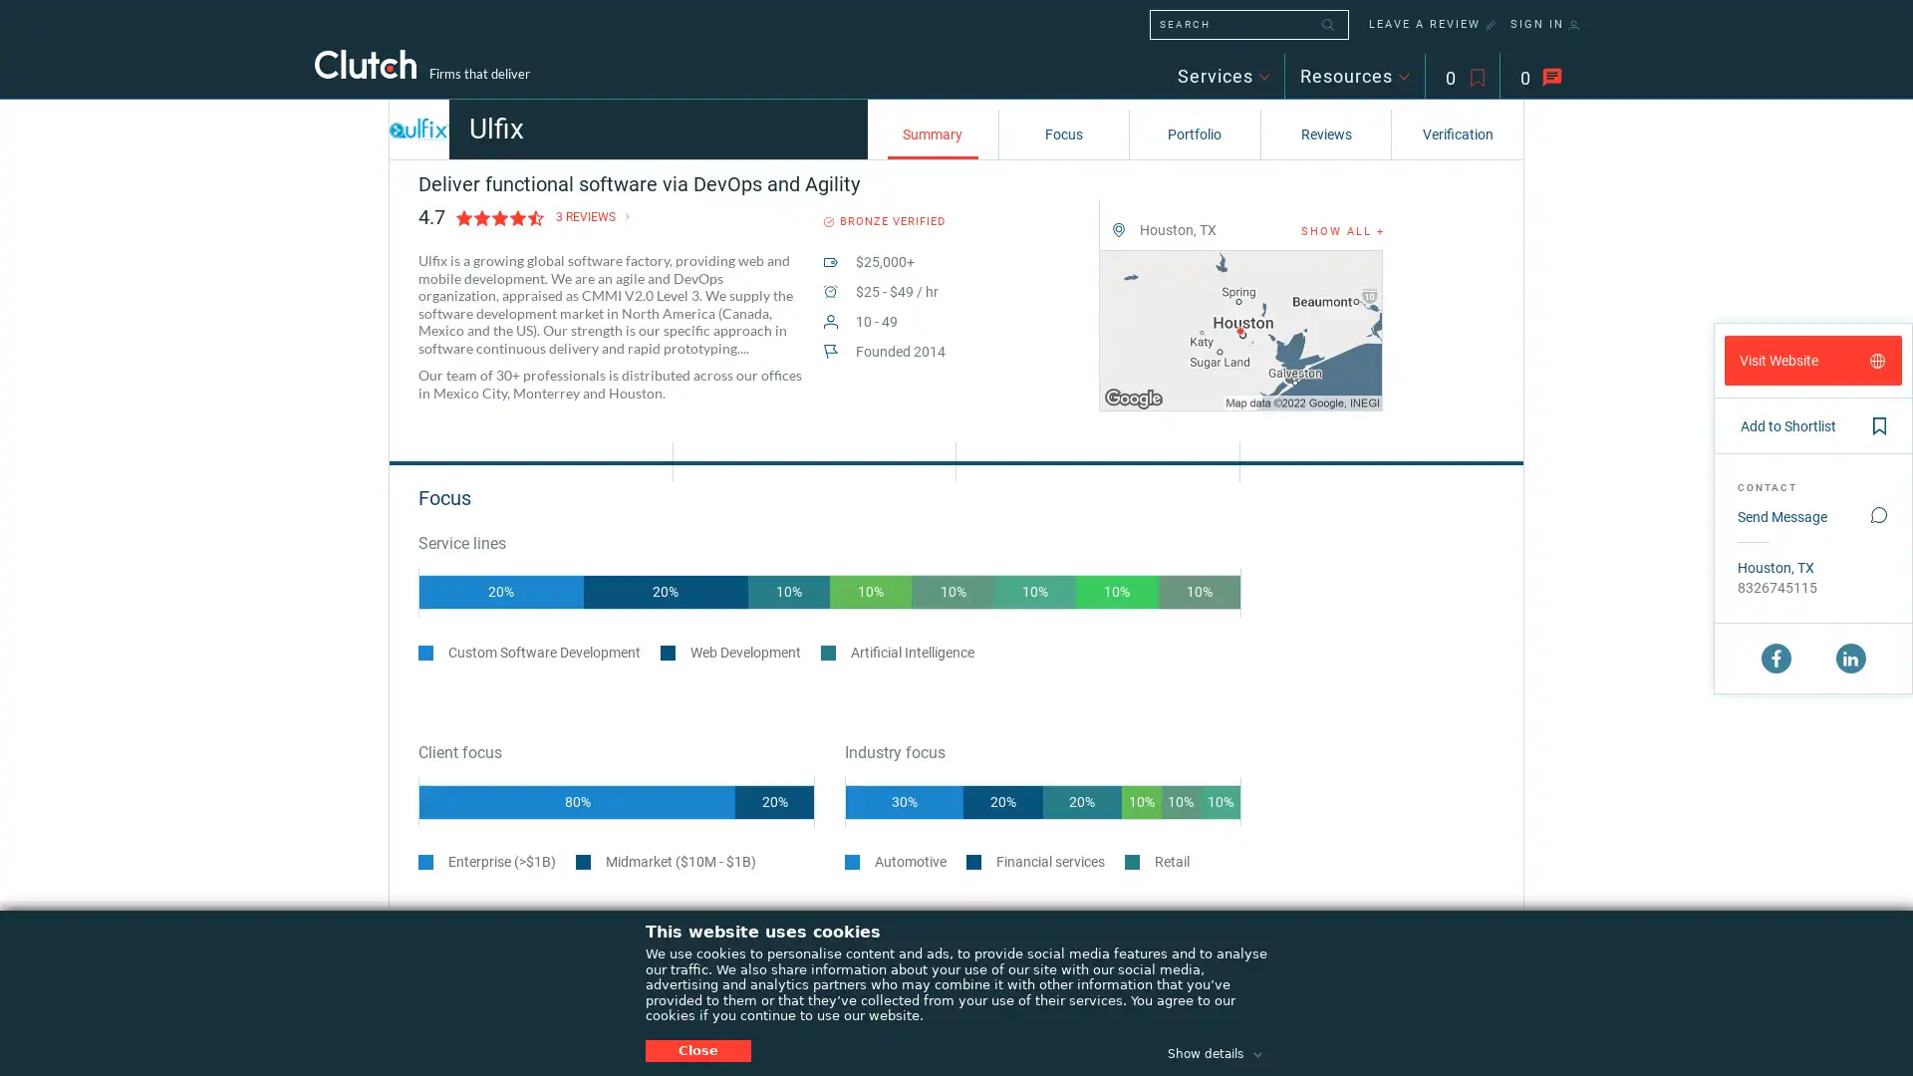 This screenshot has width=1913, height=1076. Describe the element at coordinates (1141, 800) in the screenshot. I see `10%` at that location.